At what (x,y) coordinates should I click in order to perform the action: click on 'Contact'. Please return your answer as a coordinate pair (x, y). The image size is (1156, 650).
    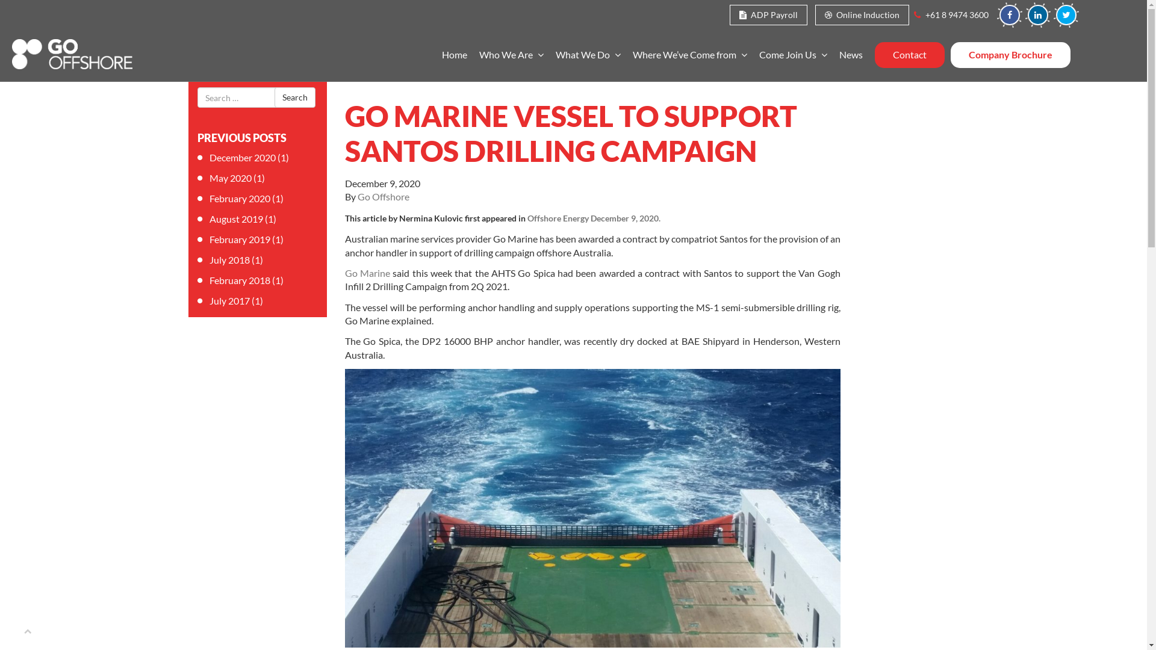
    Looking at the image, I should click on (909, 55).